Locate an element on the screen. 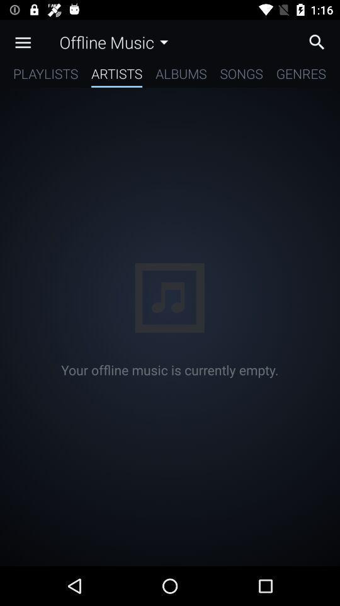 This screenshot has height=606, width=340. the icon next to offline music is located at coordinates (23, 42).